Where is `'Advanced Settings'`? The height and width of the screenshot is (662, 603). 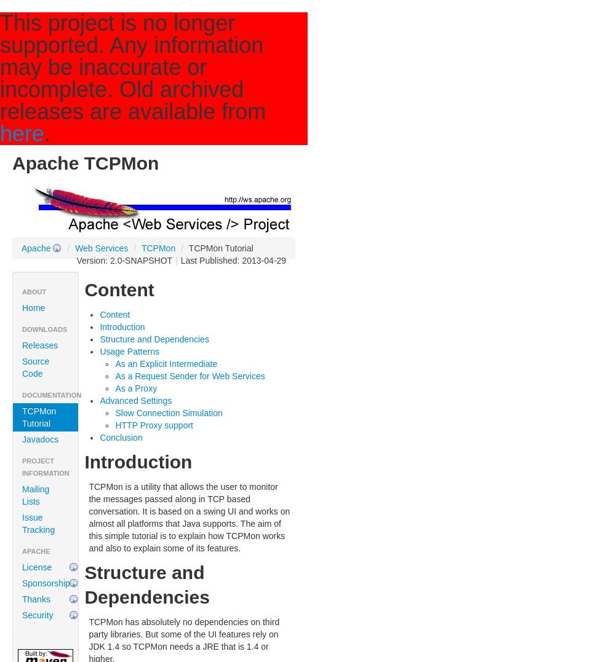 'Advanced Settings' is located at coordinates (135, 401).